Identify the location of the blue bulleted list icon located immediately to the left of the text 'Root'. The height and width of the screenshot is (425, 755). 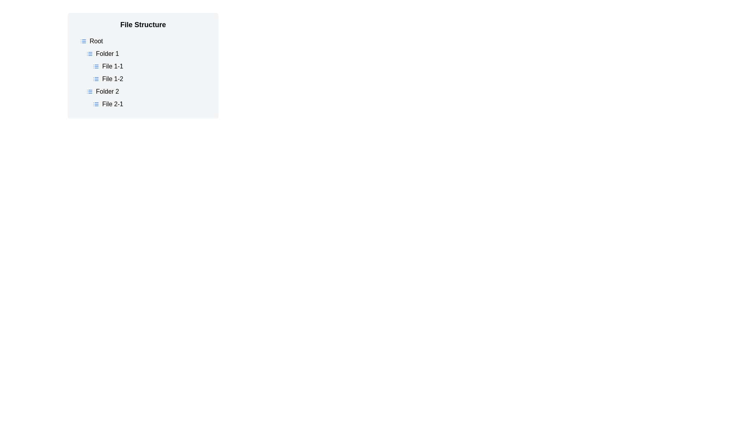
(83, 41).